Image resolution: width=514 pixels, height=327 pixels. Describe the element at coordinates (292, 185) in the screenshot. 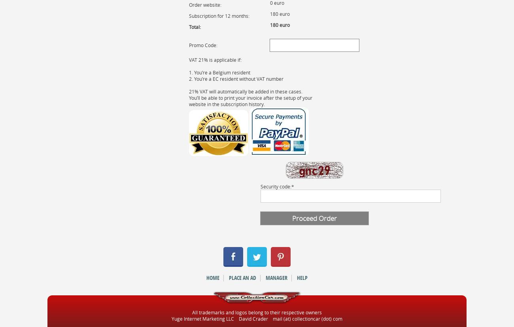

I see `'*'` at that location.